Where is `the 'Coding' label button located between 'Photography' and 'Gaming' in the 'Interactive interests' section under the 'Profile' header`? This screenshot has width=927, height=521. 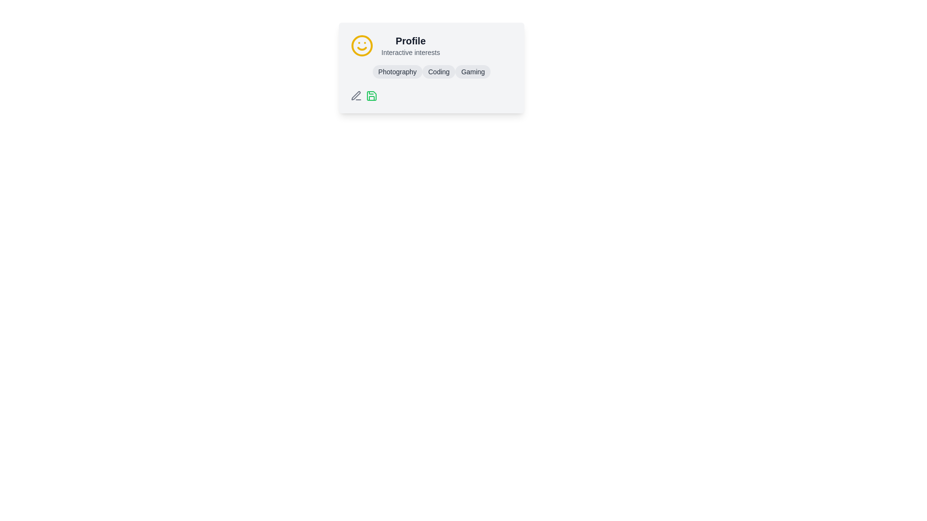
the 'Coding' label button located between 'Photography' and 'Gaming' in the 'Interactive interests' section under the 'Profile' header is located at coordinates (438, 71).